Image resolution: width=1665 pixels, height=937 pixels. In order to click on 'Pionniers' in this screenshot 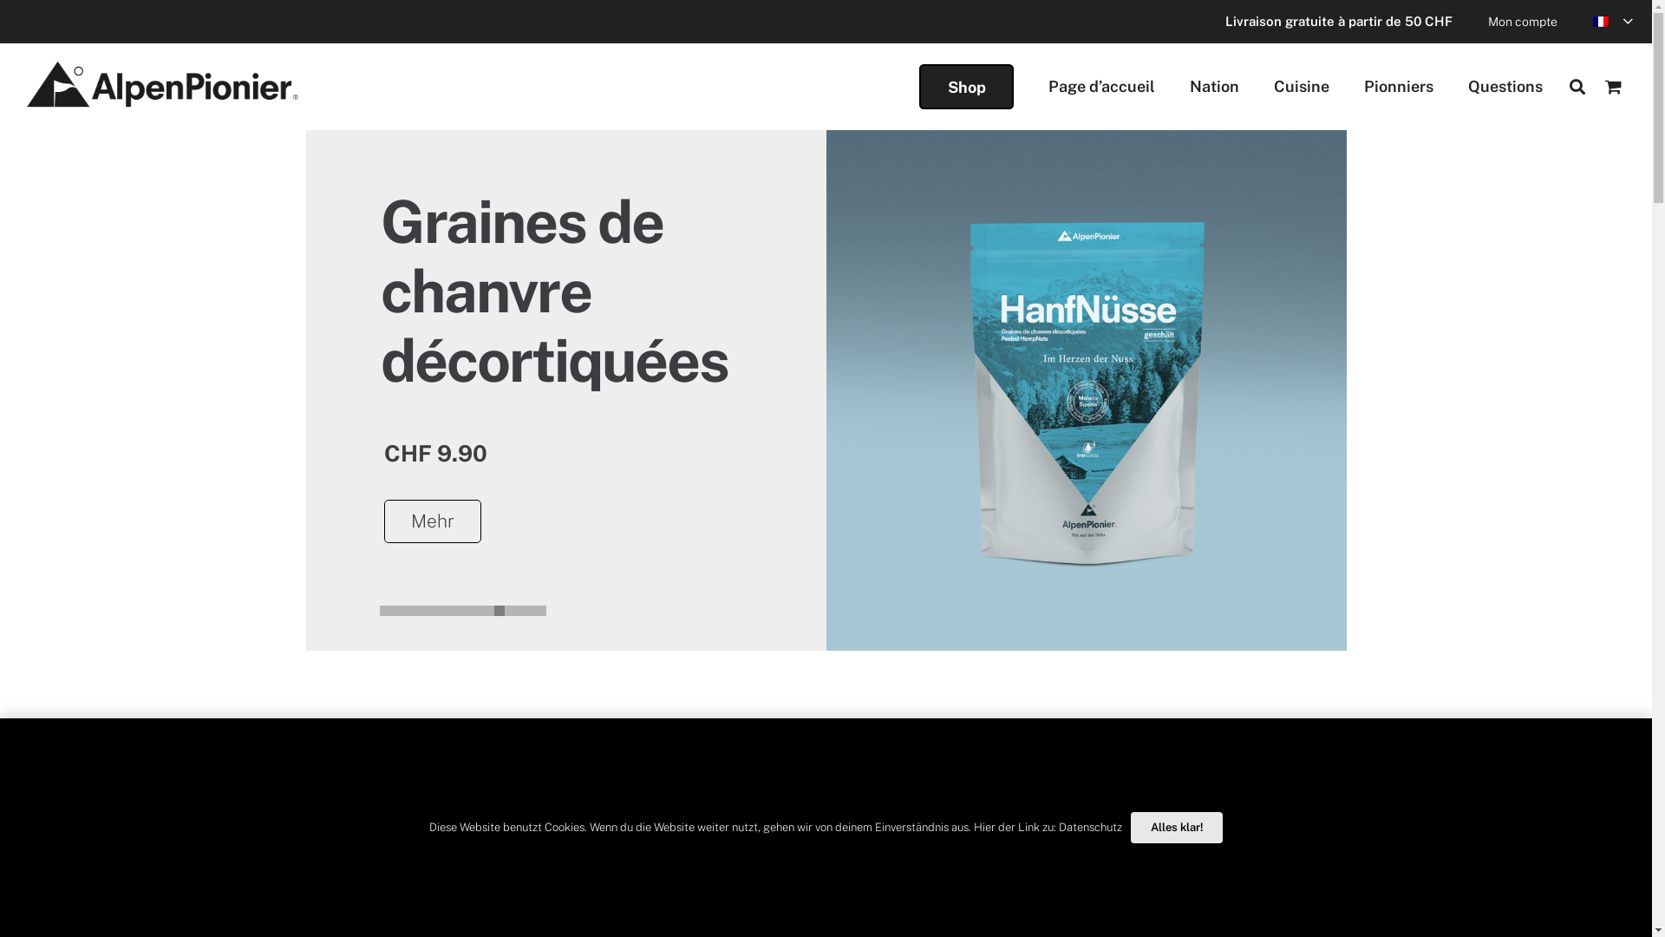, I will do `click(1398, 87)`.